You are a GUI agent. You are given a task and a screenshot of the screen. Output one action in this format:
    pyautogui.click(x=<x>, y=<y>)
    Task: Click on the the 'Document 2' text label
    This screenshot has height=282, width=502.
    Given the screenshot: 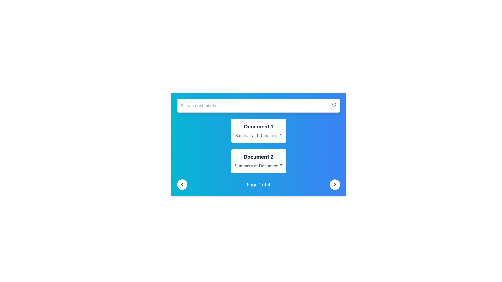 What is the action you would take?
    pyautogui.click(x=258, y=157)
    